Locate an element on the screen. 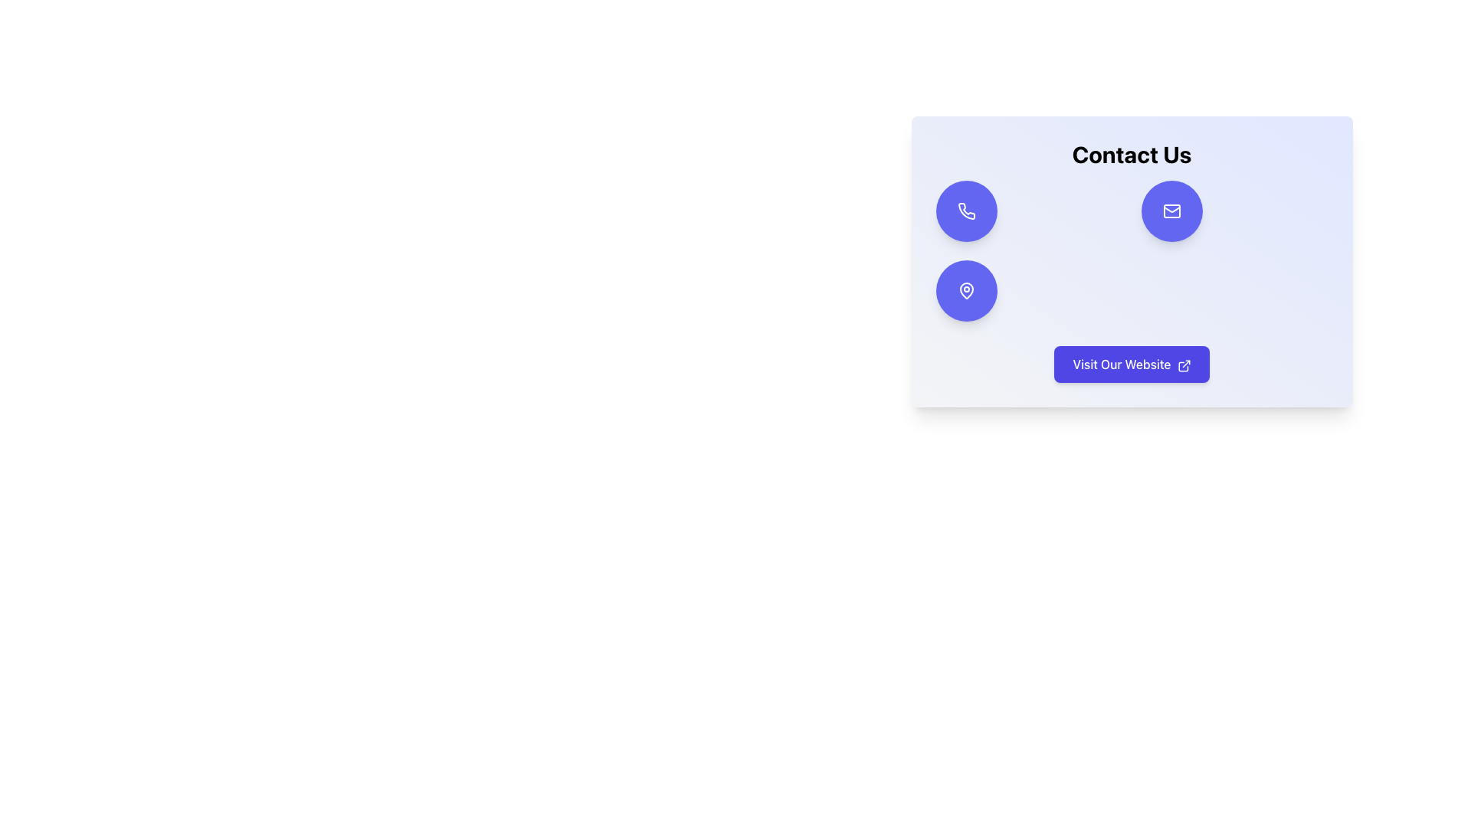  the circular blue button with a white envelope icon located under the 'Contact Us' label is located at coordinates (1171, 211).